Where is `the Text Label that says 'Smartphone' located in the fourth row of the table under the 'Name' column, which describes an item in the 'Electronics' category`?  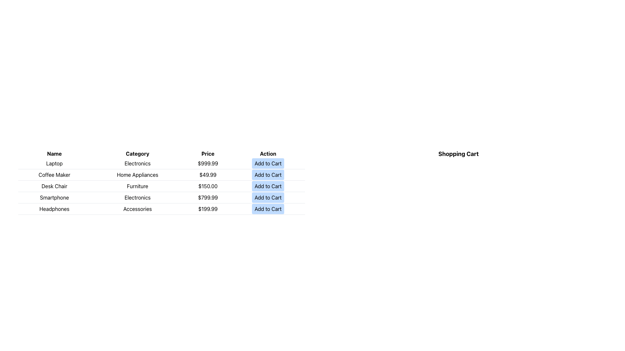 the Text Label that says 'Smartphone' located in the fourth row of the table under the 'Name' column, which describes an item in the 'Electronics' category is located at coordinates (54, 197).